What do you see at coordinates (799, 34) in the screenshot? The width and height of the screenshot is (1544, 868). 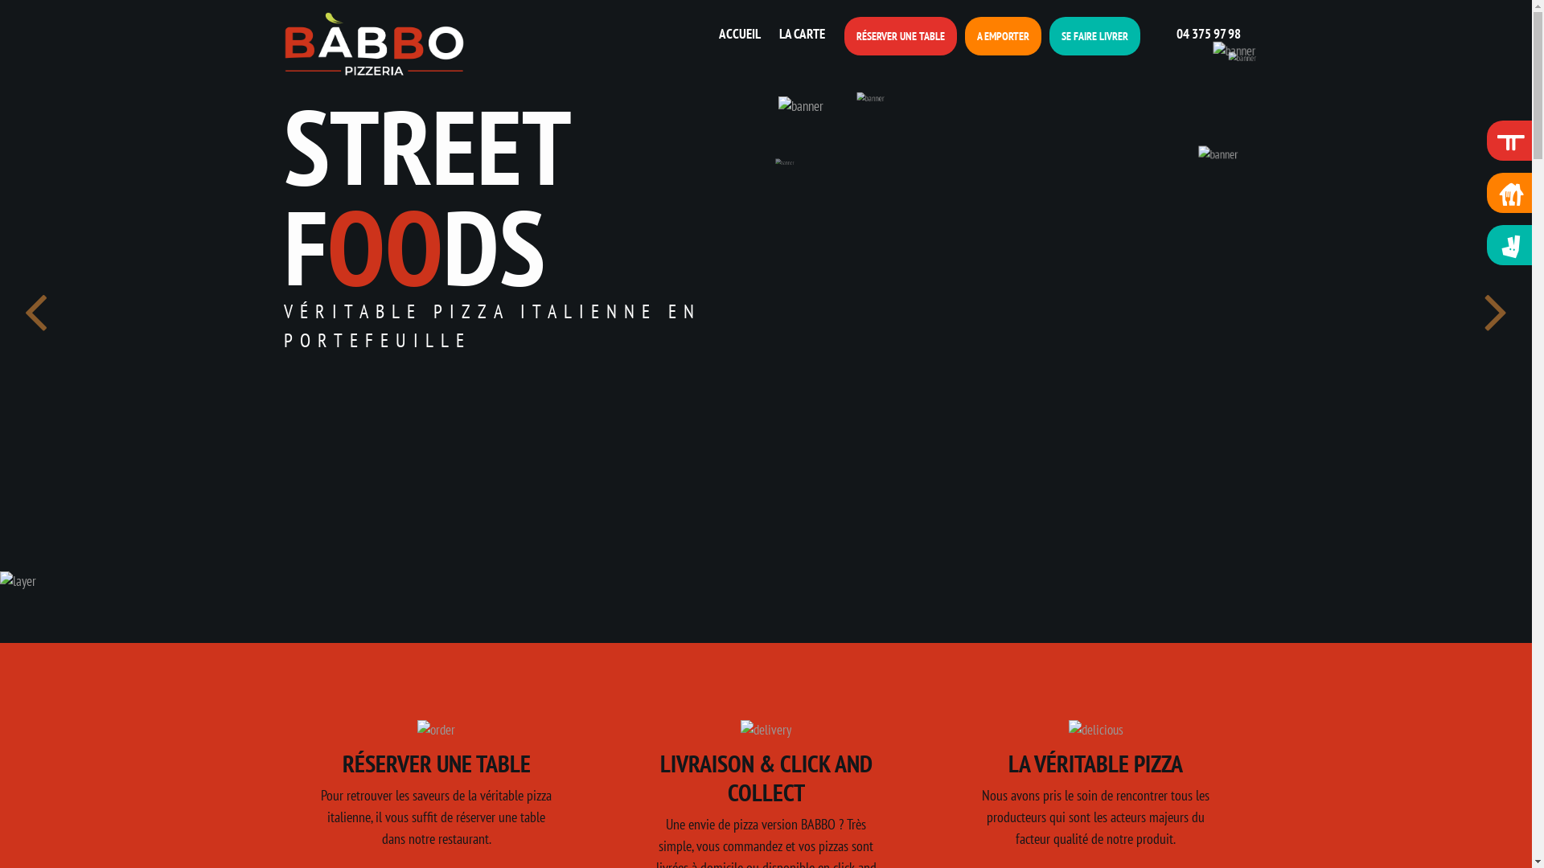 I see `'LA CARTE'` at bounding box center [799, 34].